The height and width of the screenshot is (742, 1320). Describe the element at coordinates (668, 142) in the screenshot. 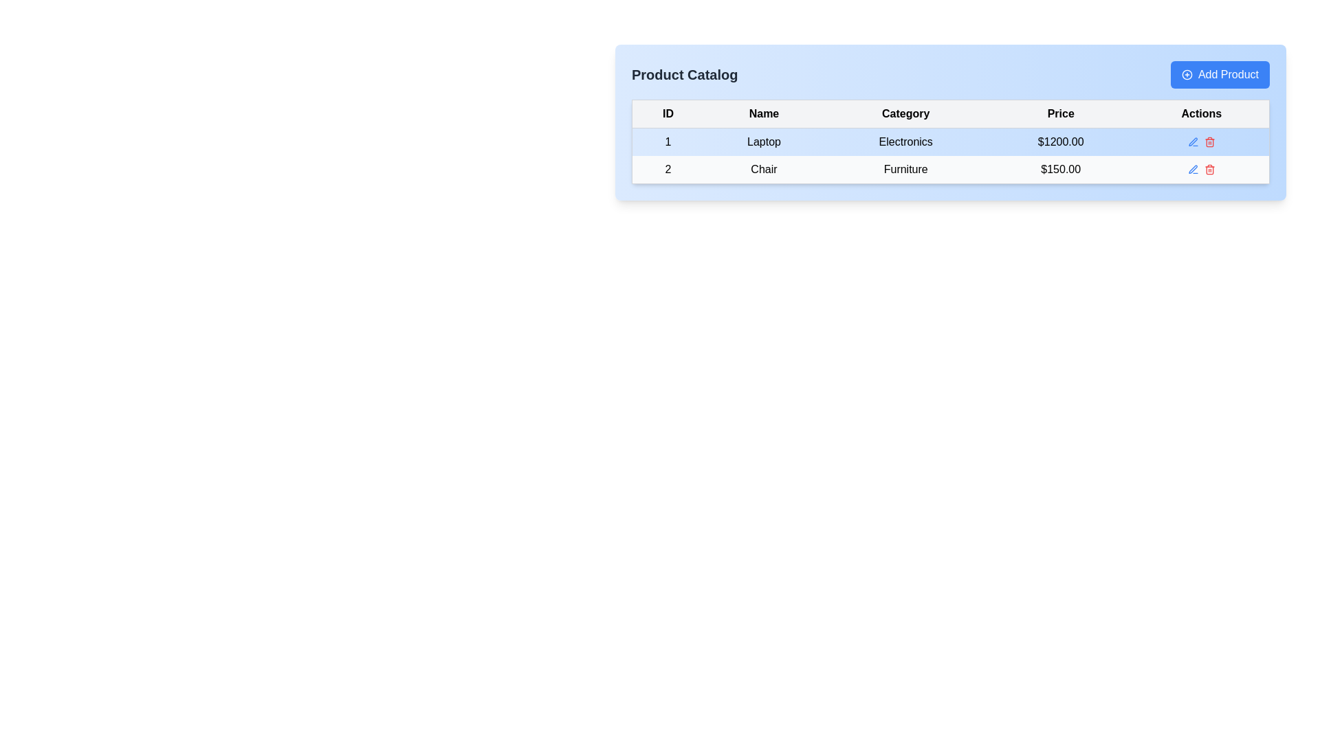

I see `the static text label displaying the digit '1', which is located under the heading 'ID' in the table layout` at that location.